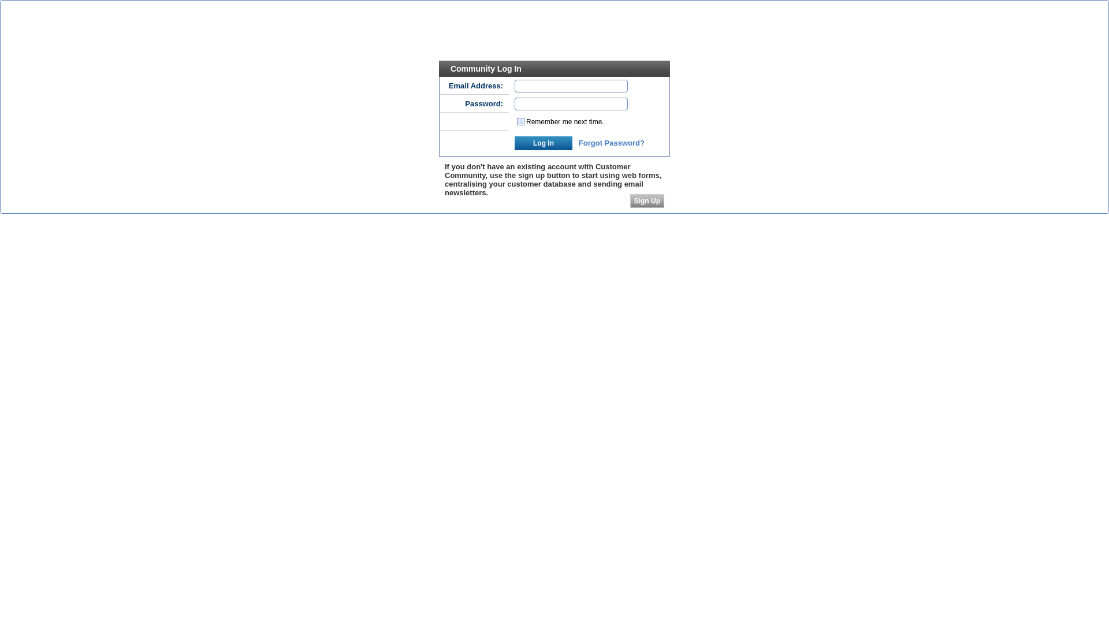  I want to click on 'Log In', so click(542, 142).